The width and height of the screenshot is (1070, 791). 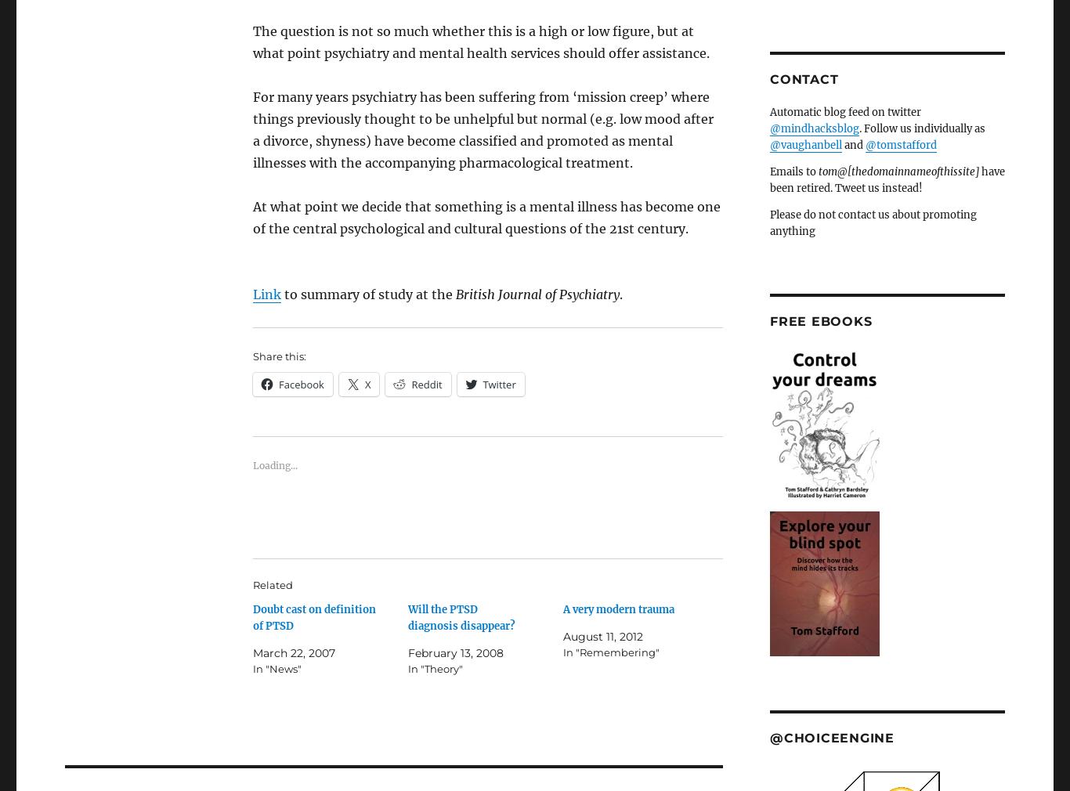 What do you see at coordinates (480, 42) in the screenshot?
I see `'The question is not so much whether this is a high or low figure, but at what point psychiatry and mental health services should offer assistance.'` at bounding box center [480, 42].